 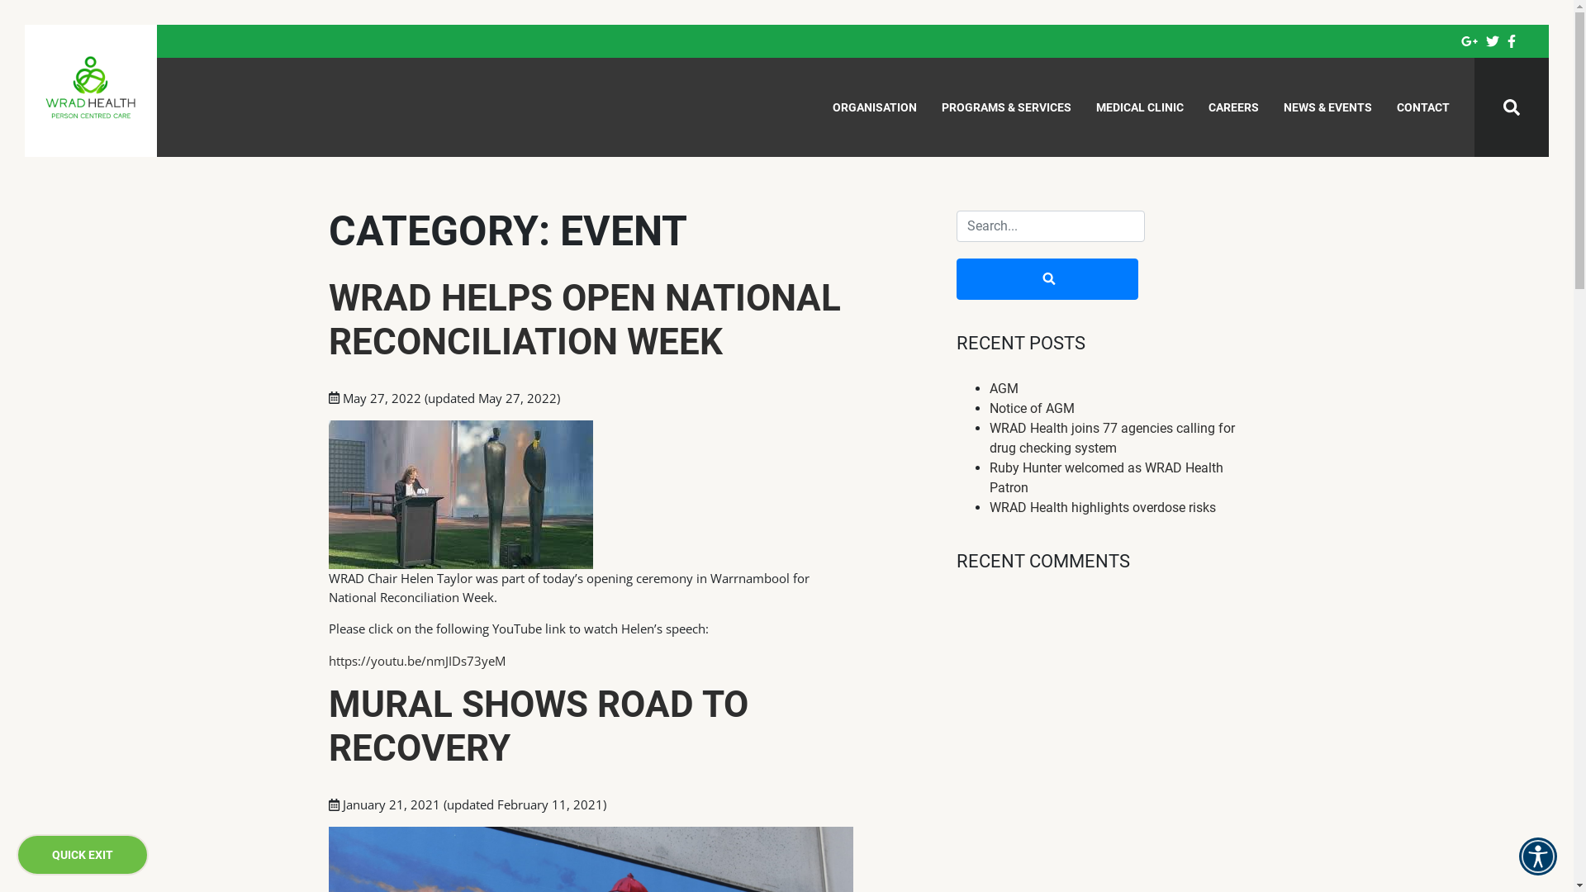 I want to click on 'QUICK EXIT', so click(x=16, y=854).